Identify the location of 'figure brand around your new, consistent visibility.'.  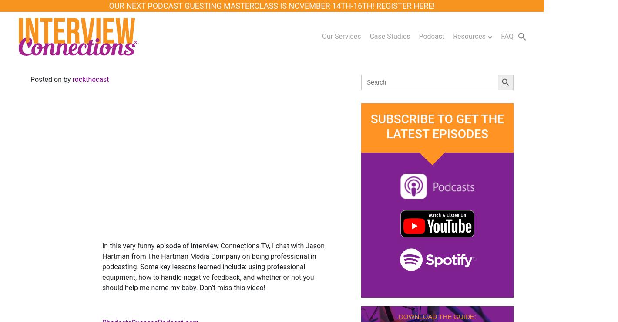
(525, 129).